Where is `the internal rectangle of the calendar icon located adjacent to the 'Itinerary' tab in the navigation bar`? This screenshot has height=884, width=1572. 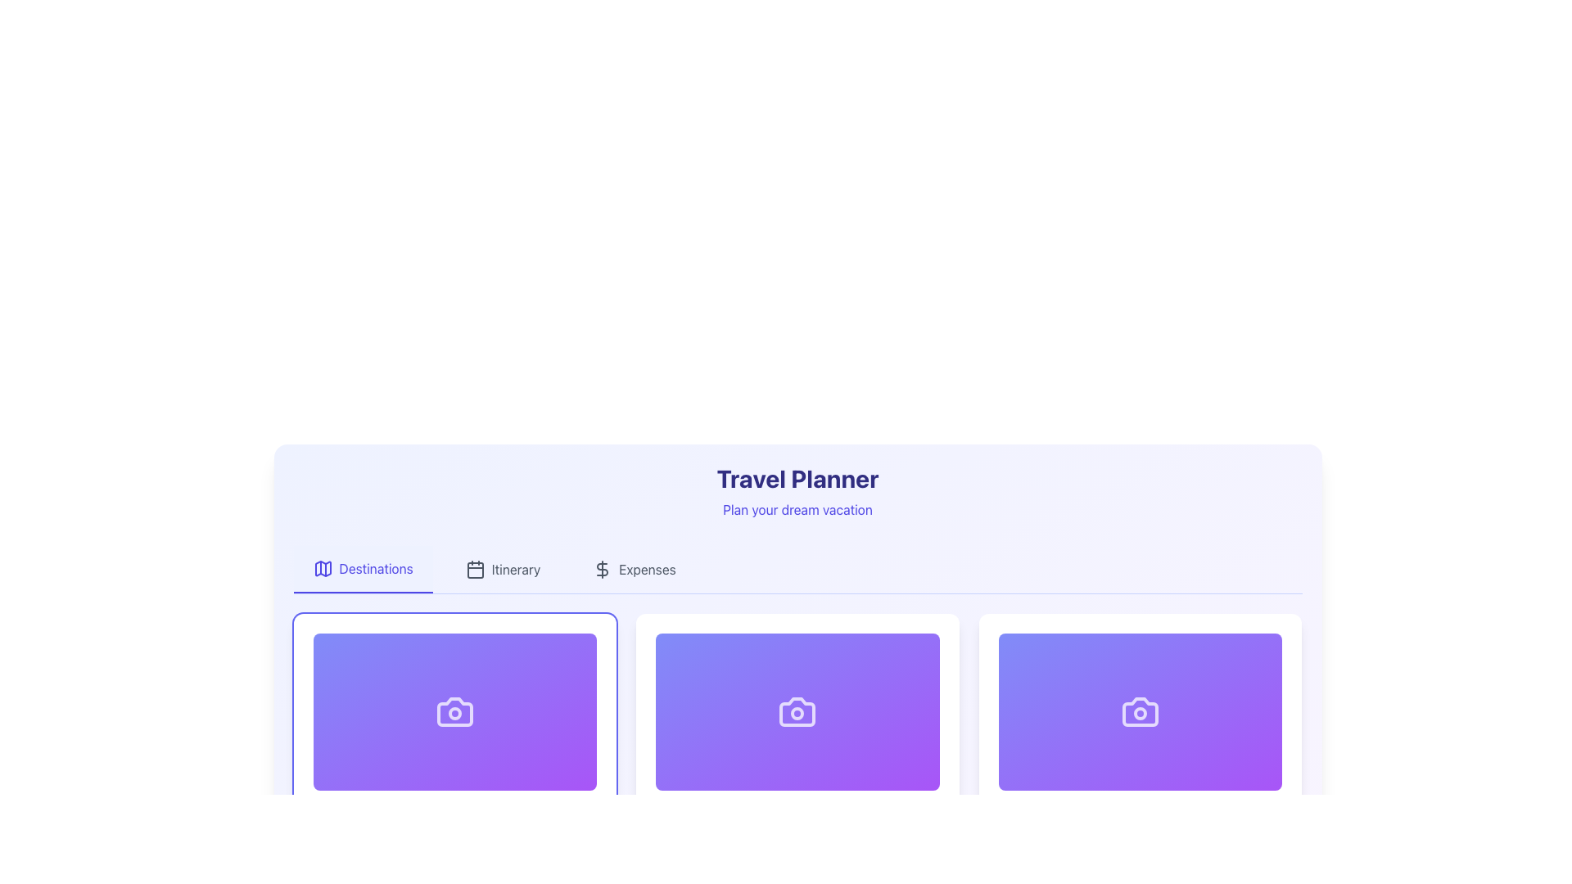 the internal rectangle of the calendar icon located adjacent to the 'Itinerary' tab in the navigation bar is located at coordinates (474, 570).